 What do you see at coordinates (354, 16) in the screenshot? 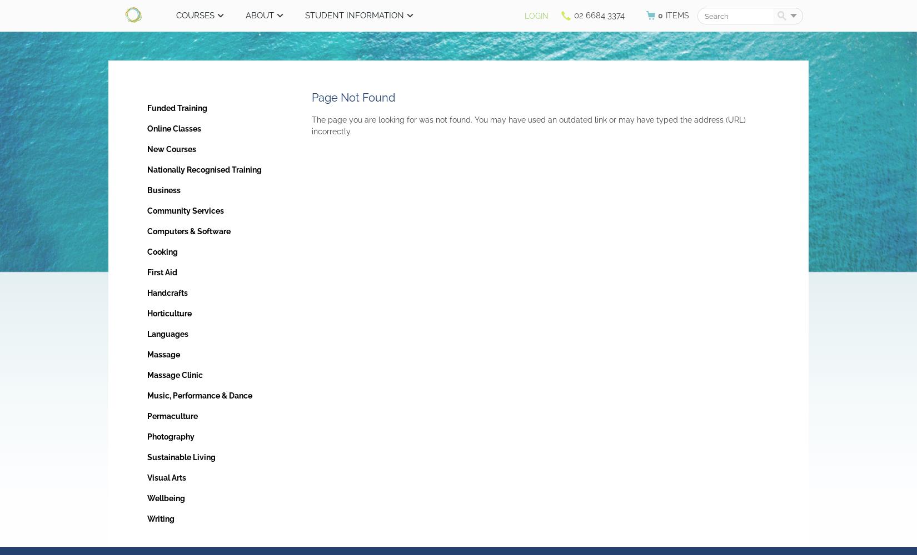
I see `'Student Information'` at bounding box center [354, 16].